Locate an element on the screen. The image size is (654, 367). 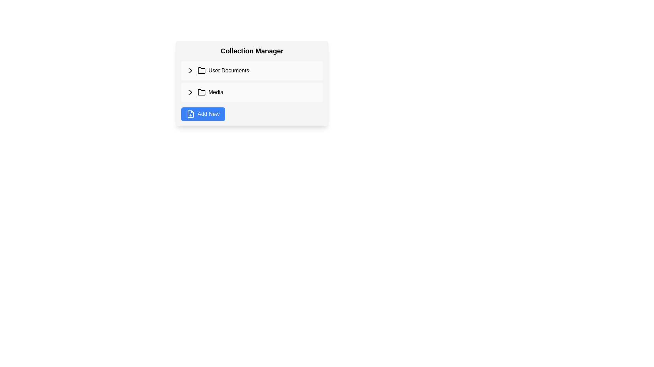
the button that initiates the process for adding new items or entries to the system, located at the bottom-left corner of the collection manager interface is located at coordinates (203, 113).